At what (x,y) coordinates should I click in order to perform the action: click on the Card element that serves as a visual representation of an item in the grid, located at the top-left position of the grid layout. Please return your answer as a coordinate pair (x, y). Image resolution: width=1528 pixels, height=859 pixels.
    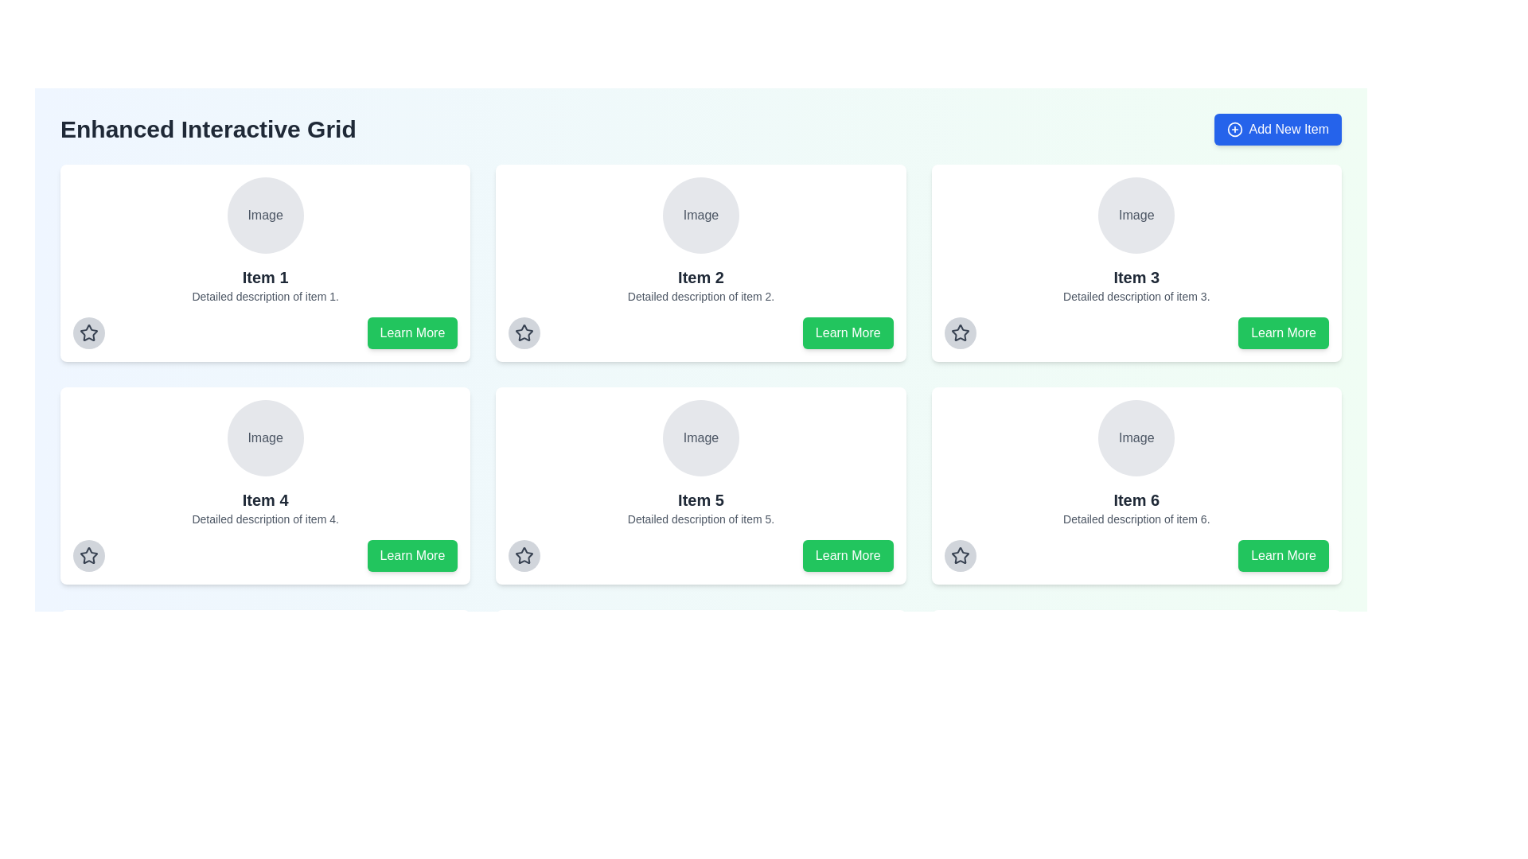
    Looking at the image, I should click on (265, 241).